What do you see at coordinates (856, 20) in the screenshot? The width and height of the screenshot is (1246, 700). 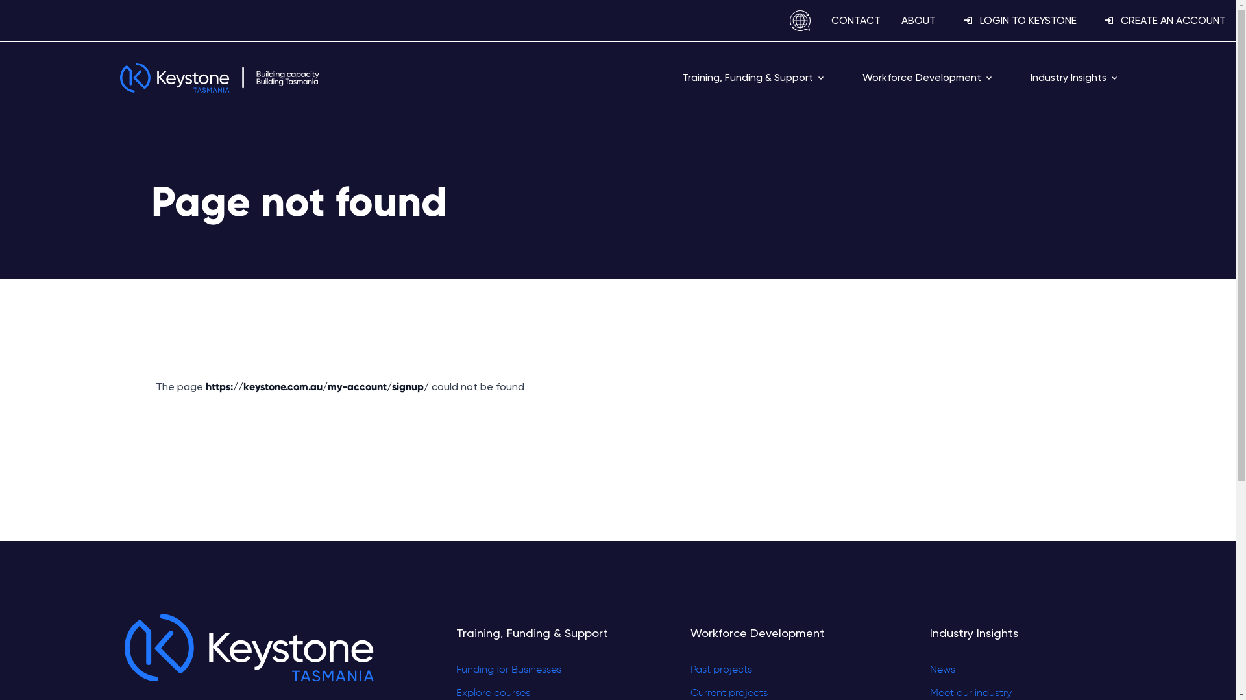 I see `'CONTACT'` at bounding box center [856, 20].